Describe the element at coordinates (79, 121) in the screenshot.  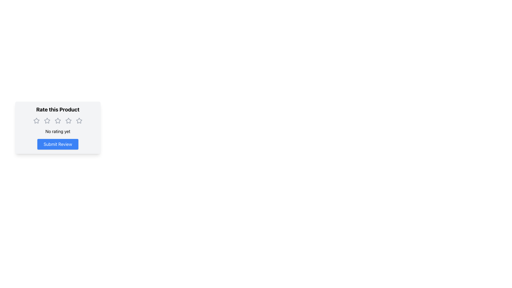
I see `the last star icon` at that location.